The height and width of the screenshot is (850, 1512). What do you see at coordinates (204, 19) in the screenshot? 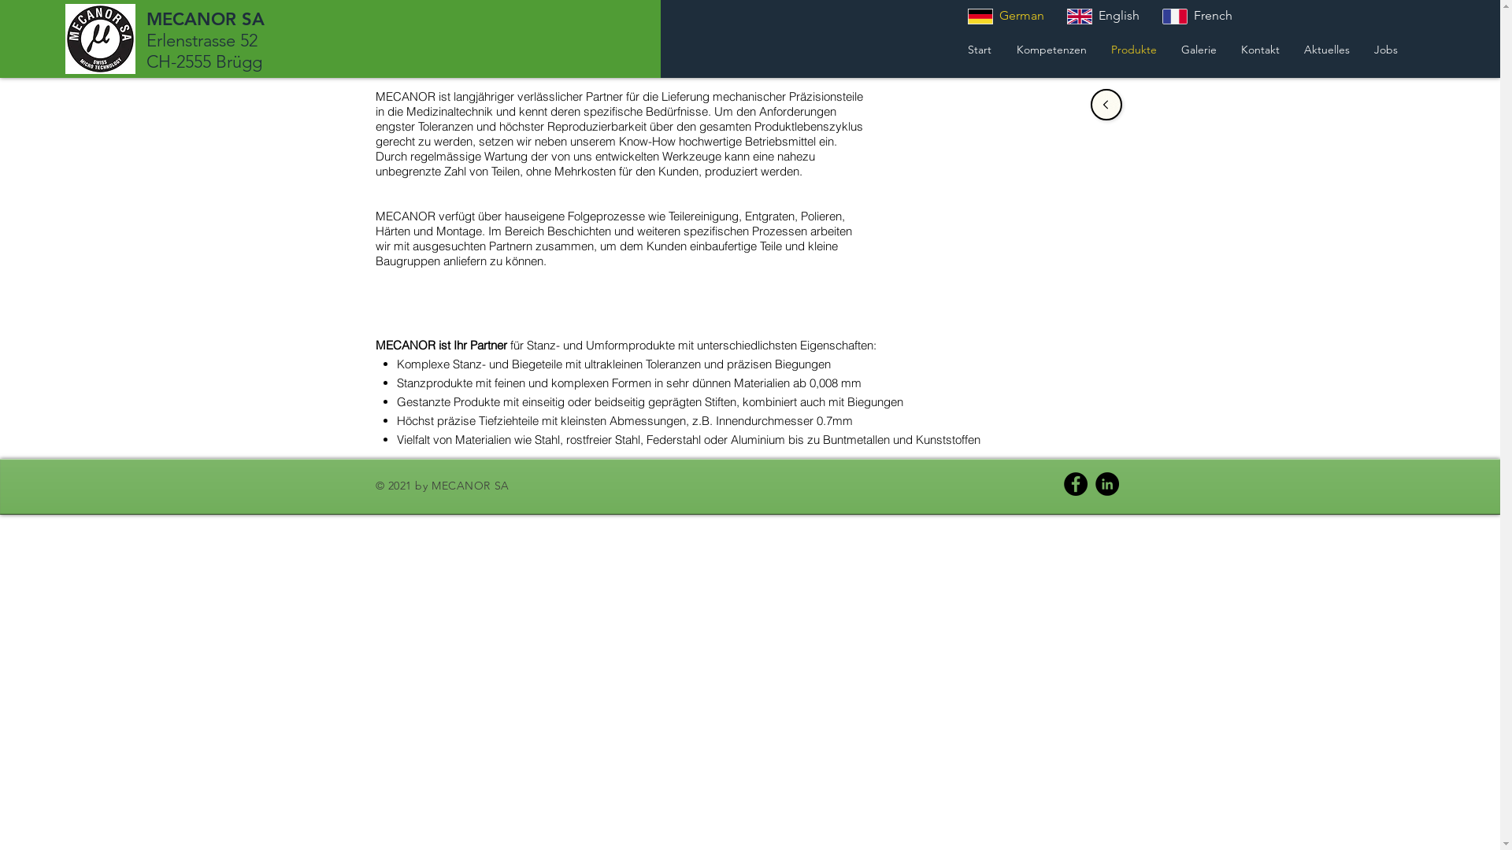
I see `'MECANOR SA'` at bounding box center [204, 19].